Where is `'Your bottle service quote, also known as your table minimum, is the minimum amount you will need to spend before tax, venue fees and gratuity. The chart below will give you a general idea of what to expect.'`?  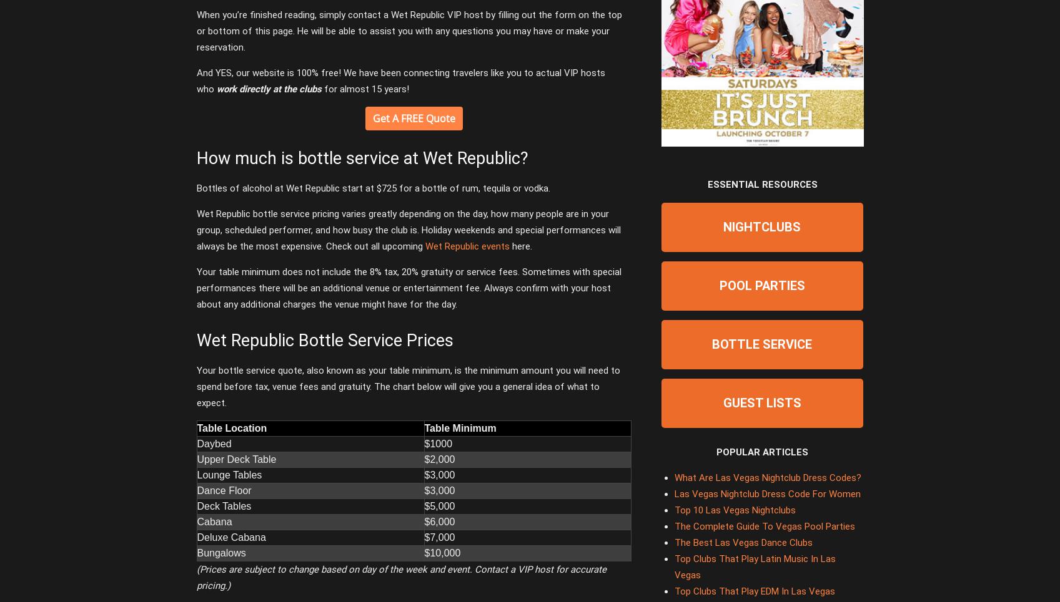
'Your bottle service quote, also known as your table minimum, is the minimum amount you will need to spend before tax, venue fees and gratuity. The chart below will give you a general idea of what to expect.' is located at coordinates (408, 386).